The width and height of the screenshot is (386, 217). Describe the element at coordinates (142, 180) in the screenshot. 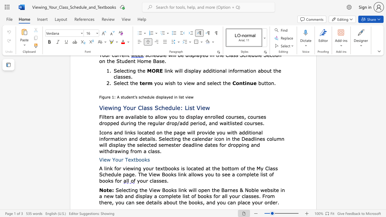

I see `the subset text "ur" within the text "your classes."` at that location.